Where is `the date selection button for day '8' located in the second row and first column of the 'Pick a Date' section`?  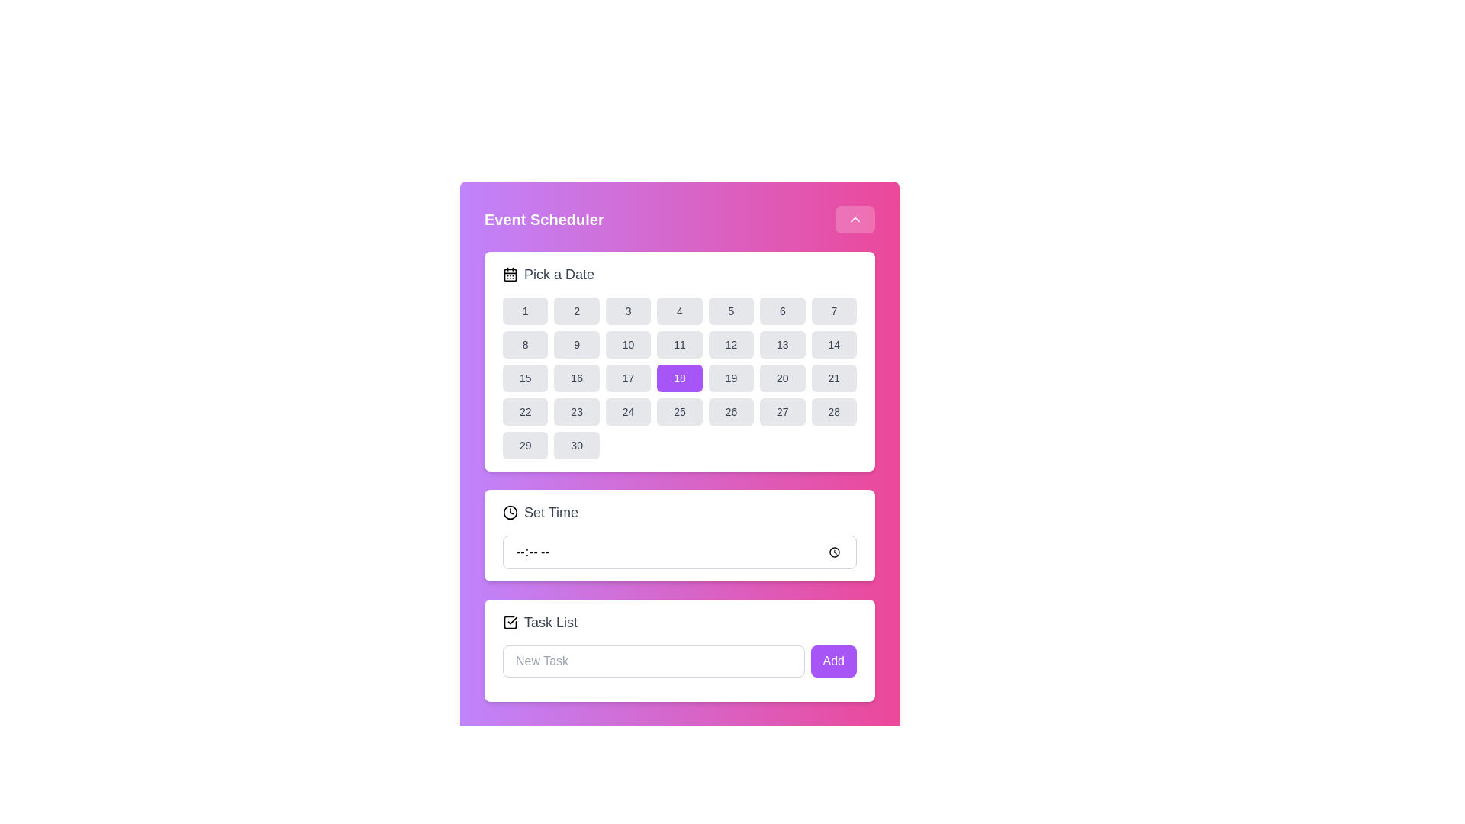 the date selection button for day '8' located in the second row and first column of the 'Pick a Date' section is located at coordinates (525, 344).